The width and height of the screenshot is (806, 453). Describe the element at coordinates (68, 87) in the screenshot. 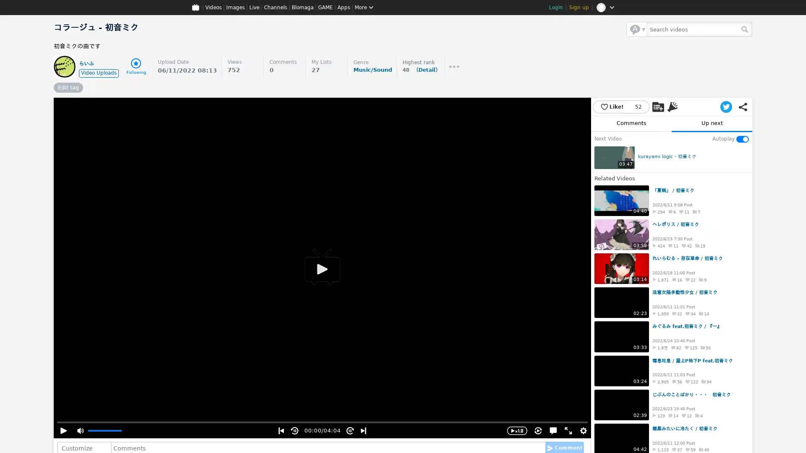

I see `Edit tag` at that location.